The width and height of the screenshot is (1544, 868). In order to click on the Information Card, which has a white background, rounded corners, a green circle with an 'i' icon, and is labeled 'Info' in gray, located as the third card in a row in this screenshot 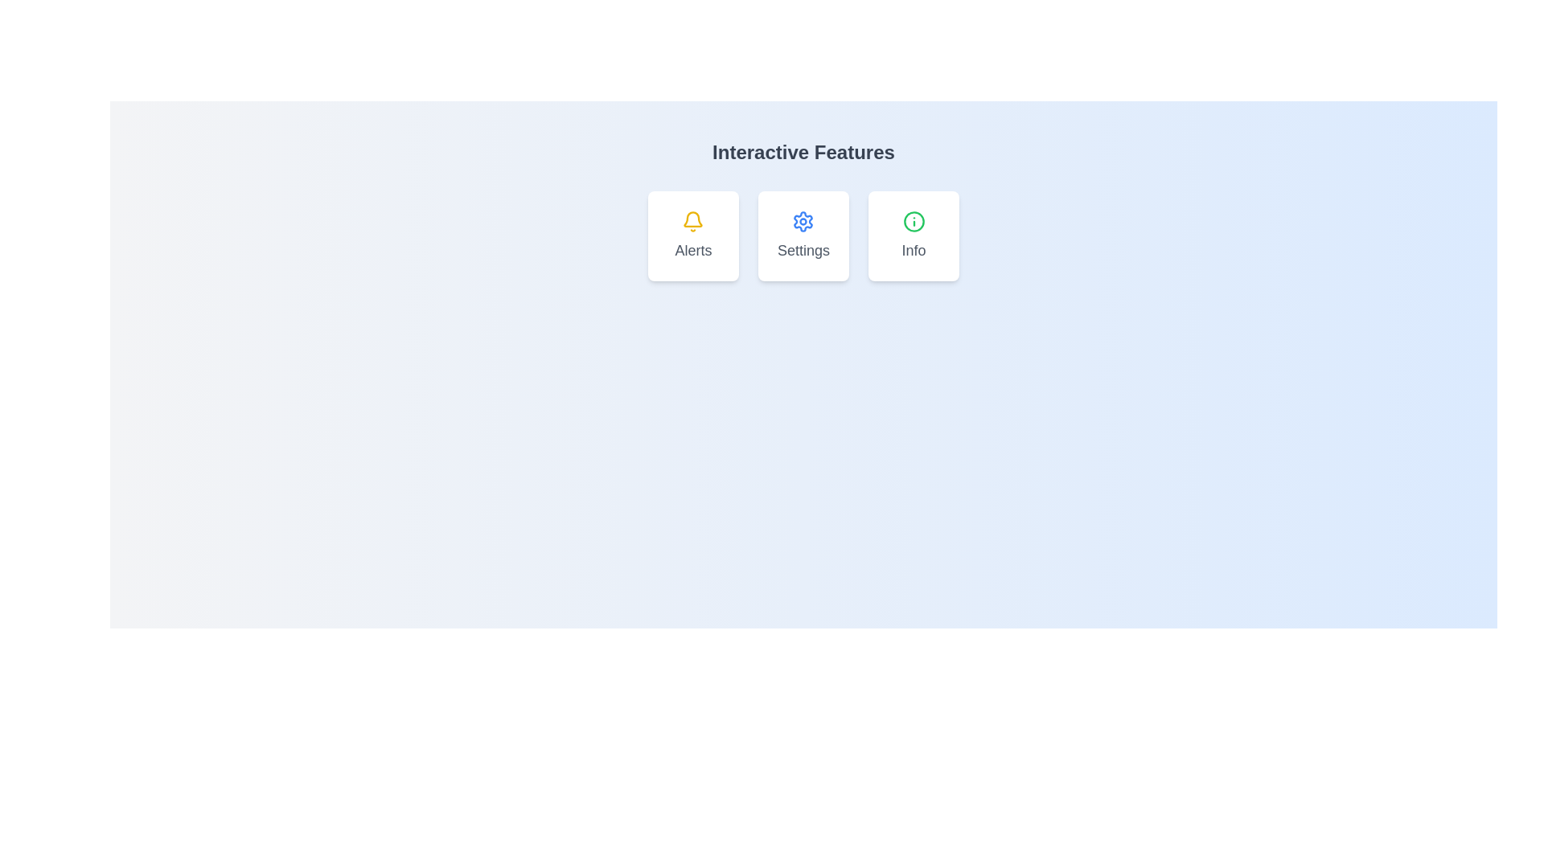, I will do `click(914, 235)`.